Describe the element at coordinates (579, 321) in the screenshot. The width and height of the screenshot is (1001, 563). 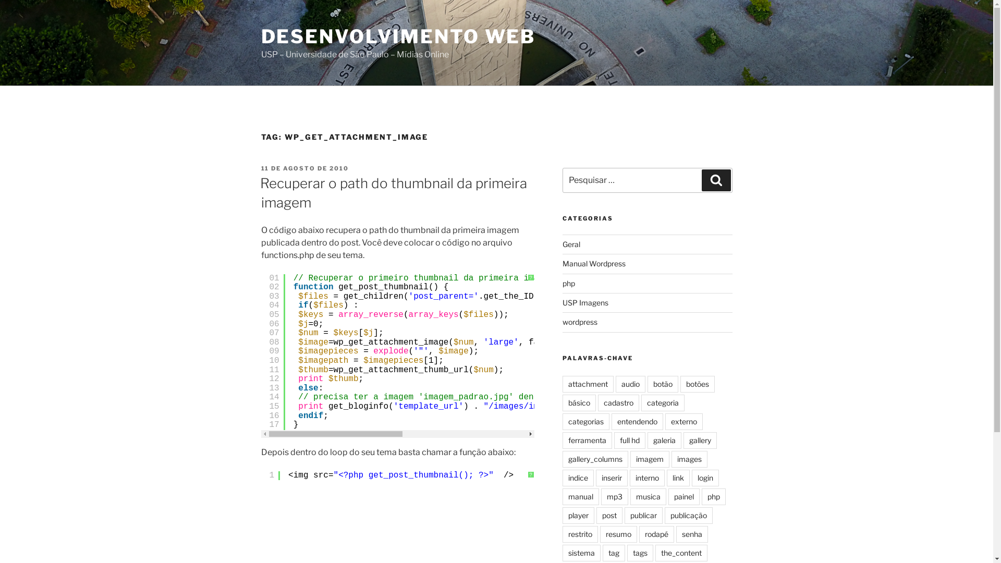
I see `'wordpress'` at that location.